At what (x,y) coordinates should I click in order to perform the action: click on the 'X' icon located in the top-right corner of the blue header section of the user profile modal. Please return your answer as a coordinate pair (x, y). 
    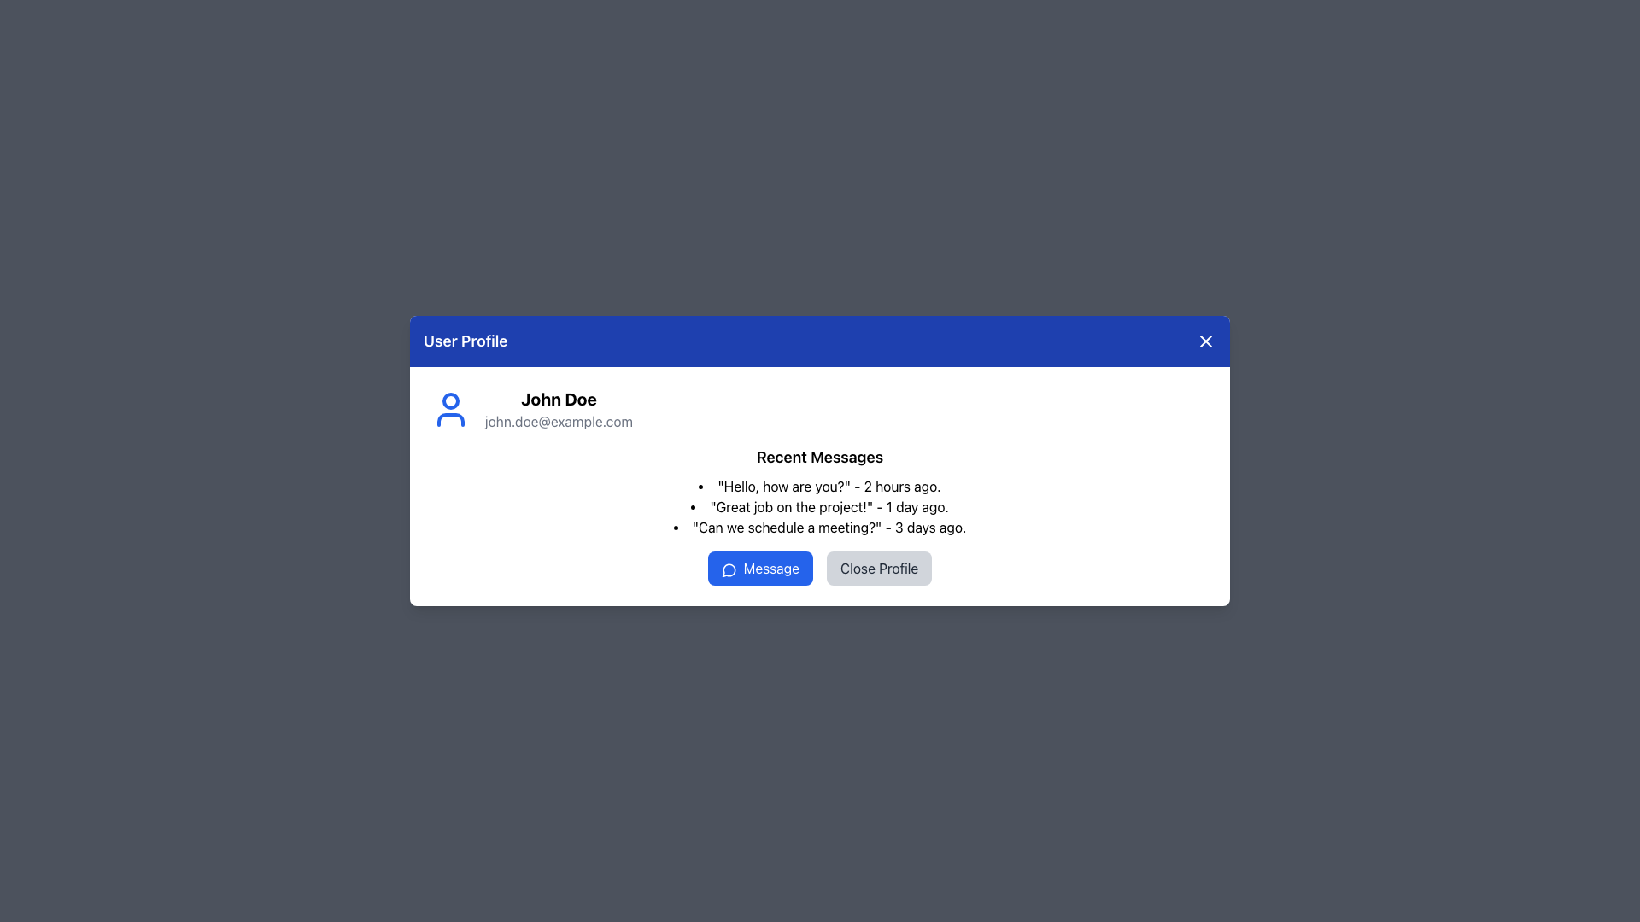
    Looking at the image, I should click on (1204, 341).